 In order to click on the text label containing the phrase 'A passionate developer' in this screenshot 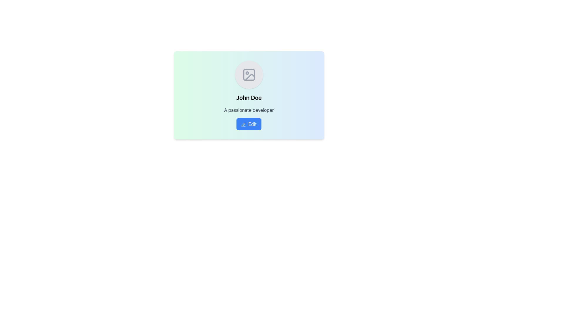, I will do `click(249, 110)`.